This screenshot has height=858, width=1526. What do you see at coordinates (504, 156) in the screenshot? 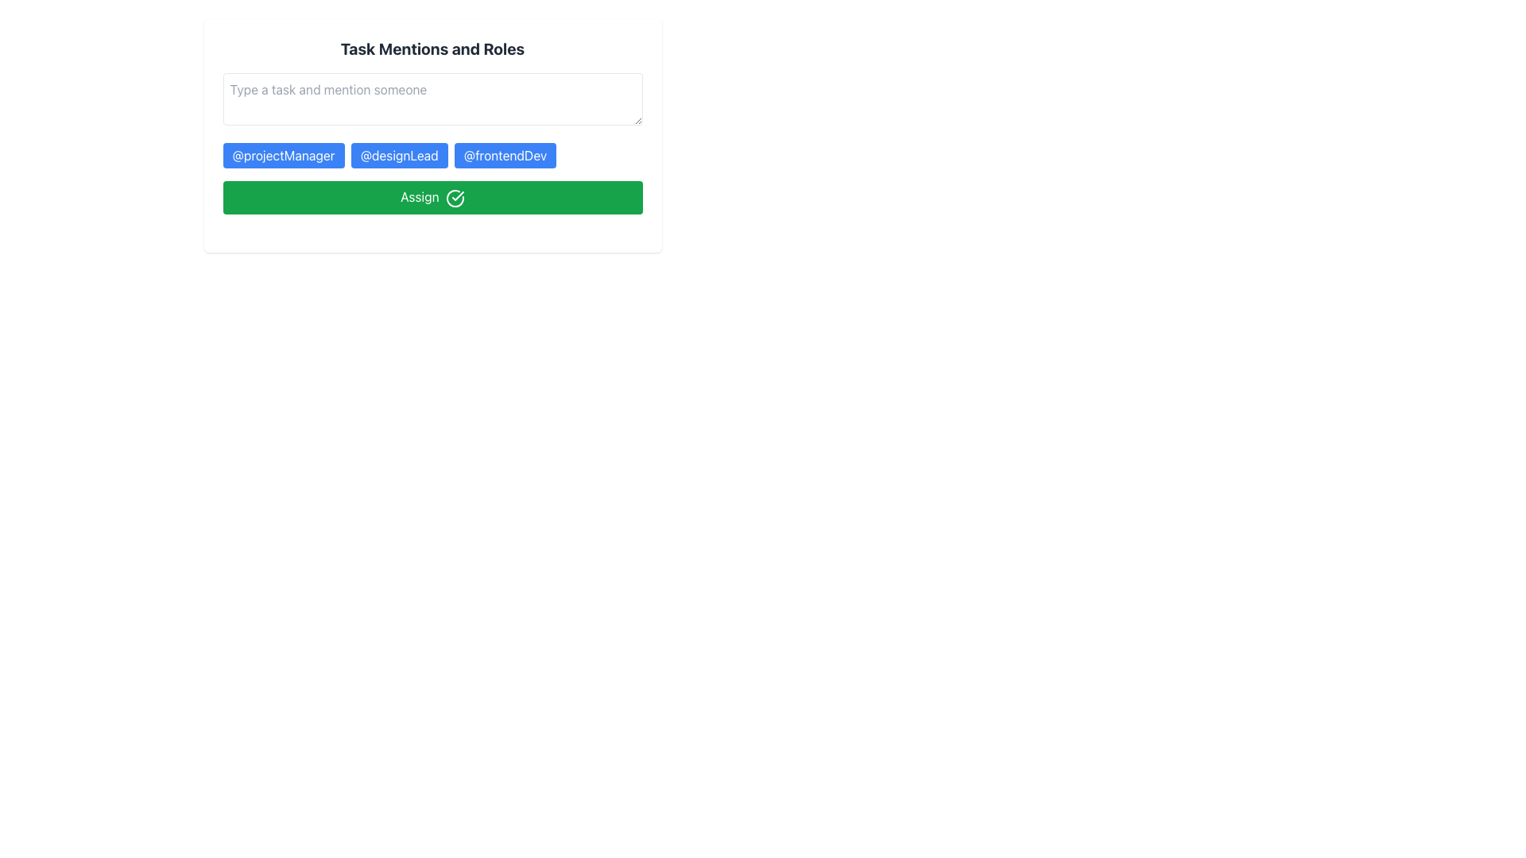
I see `the button with a blue background and white text displaying '@frontendDev', which is the third button in a row of three` at bounding box center [504, 156].